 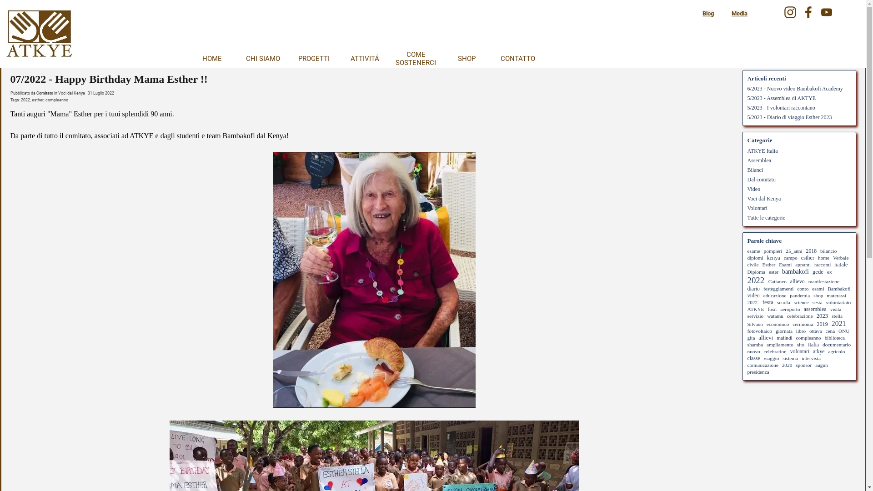 I want to click on 'PROGETTI', so click(x=314, y=58).